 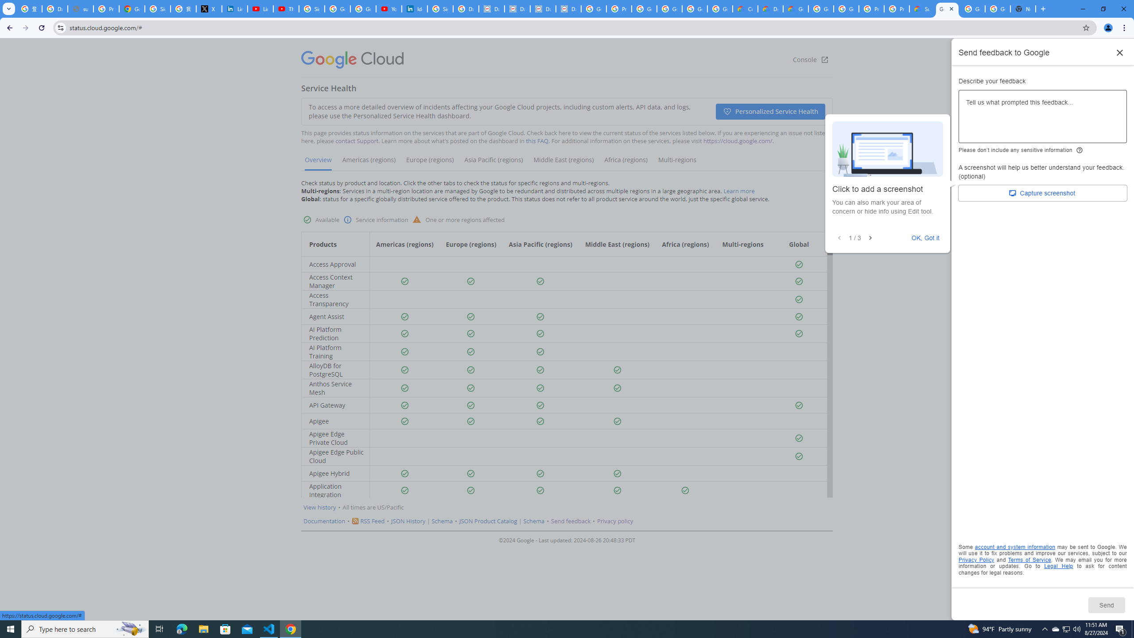 What do you see at coordinates (563, 163) in the screenshot?
I see `'Middle East (regions)'` at bounding box center [563, 163].